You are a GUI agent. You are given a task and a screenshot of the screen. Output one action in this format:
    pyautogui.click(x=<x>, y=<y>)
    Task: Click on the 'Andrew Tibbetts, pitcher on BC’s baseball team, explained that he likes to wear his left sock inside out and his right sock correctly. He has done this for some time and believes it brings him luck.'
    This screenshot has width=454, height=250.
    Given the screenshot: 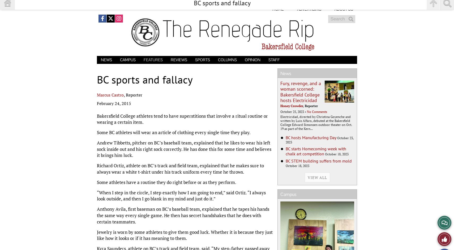 What is the action you would take?
    pyautogui.click(x=184, y=149)
    